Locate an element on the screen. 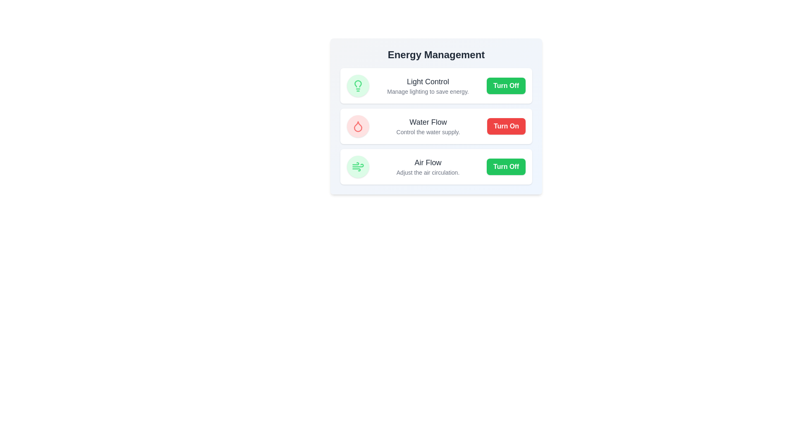  the 'Turn Off' button located in the bottom-right corner of the 'Air Flow' section in the 'Energy Management' interface is located at coordinates (506, 167).